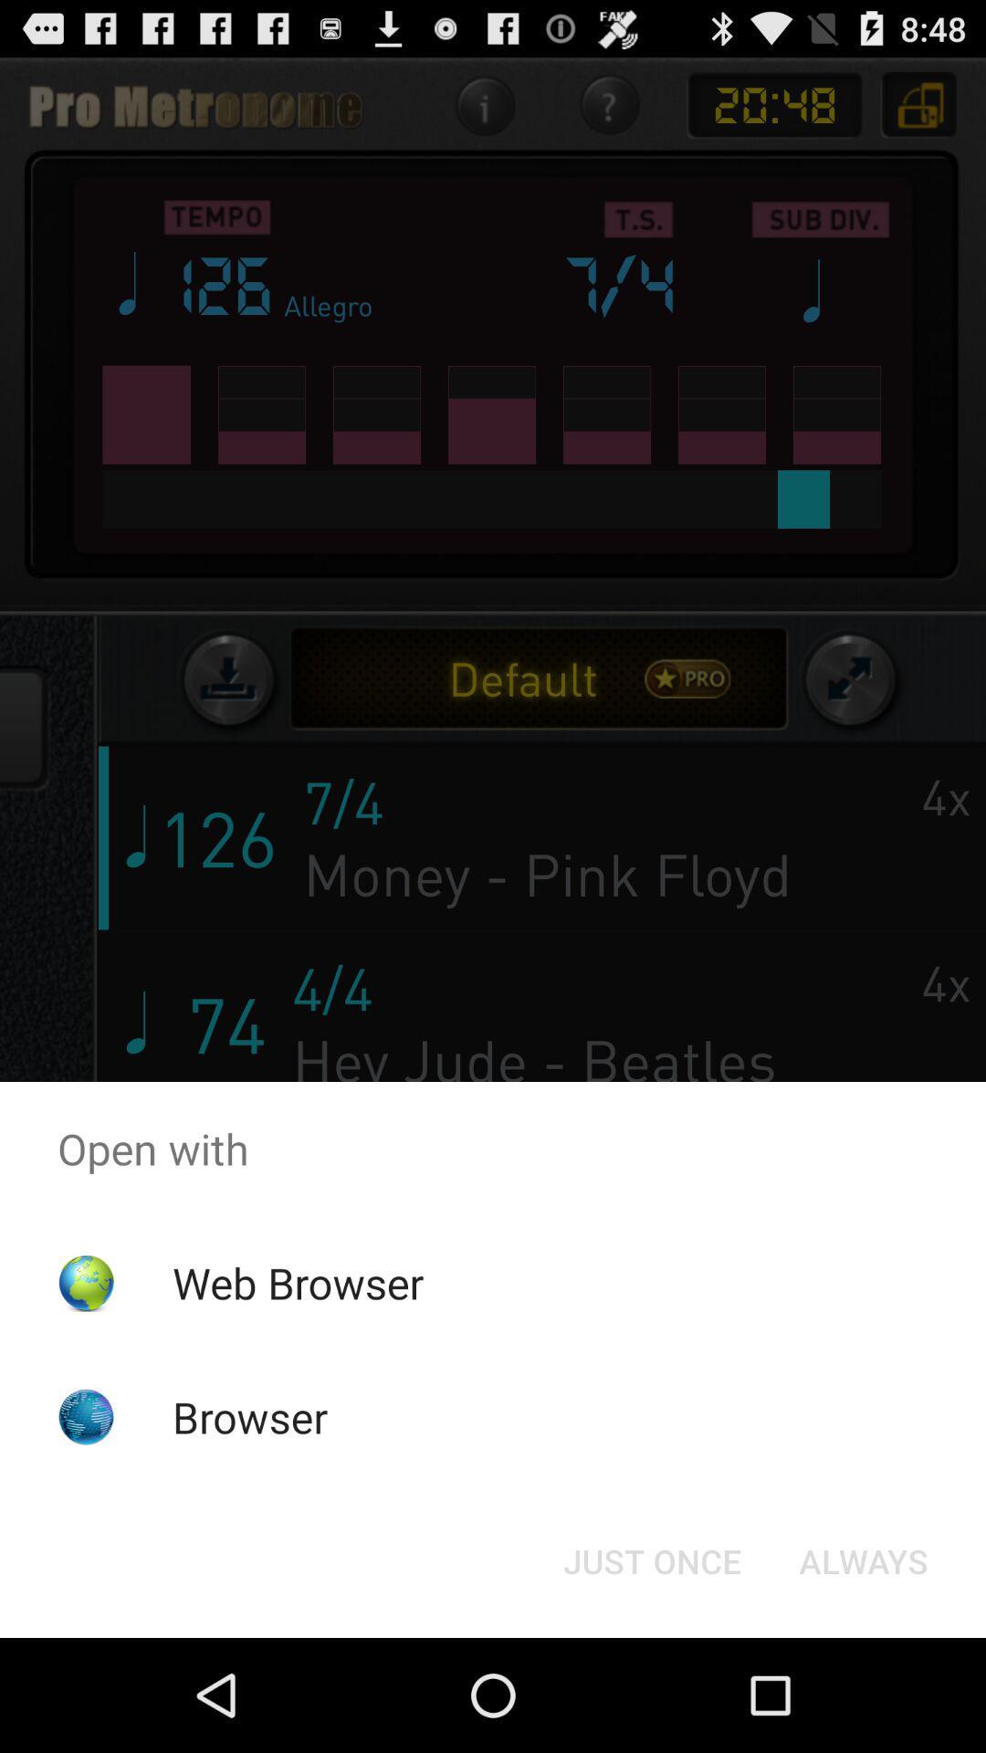  Describe the element at coordinates (297, 1282) in the screenshot. I see `app below the open with item` at that location.